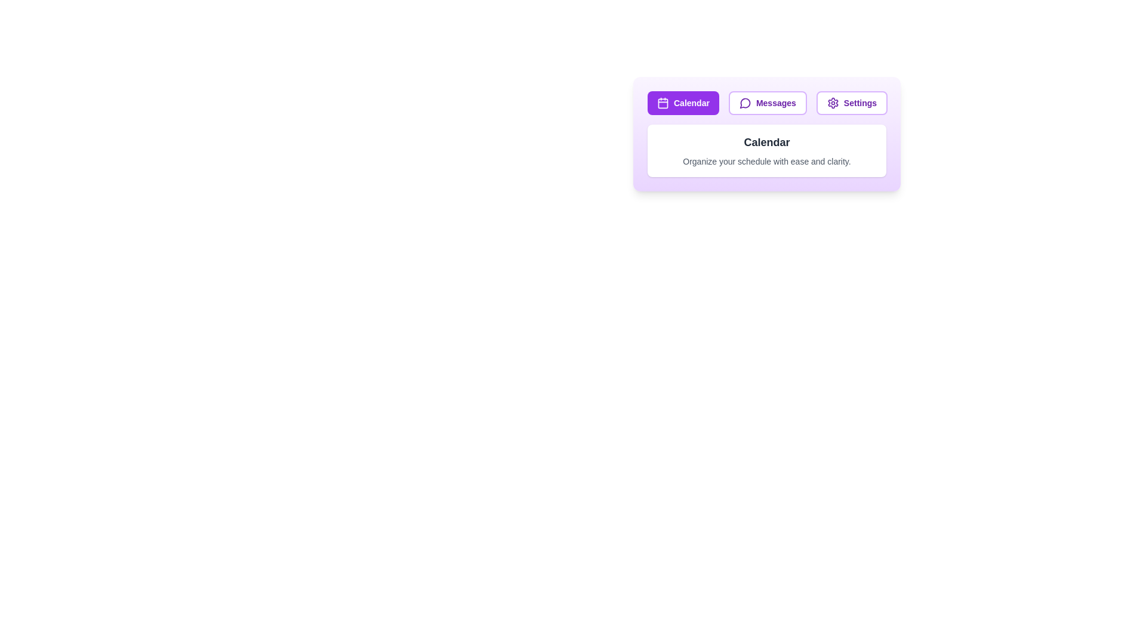 The image size is (1146, 644). What do you see at coordinates (851, 103) in the screenshot?
I see `the Settings tab by clicking on its button` at bounding box center [851, 103].